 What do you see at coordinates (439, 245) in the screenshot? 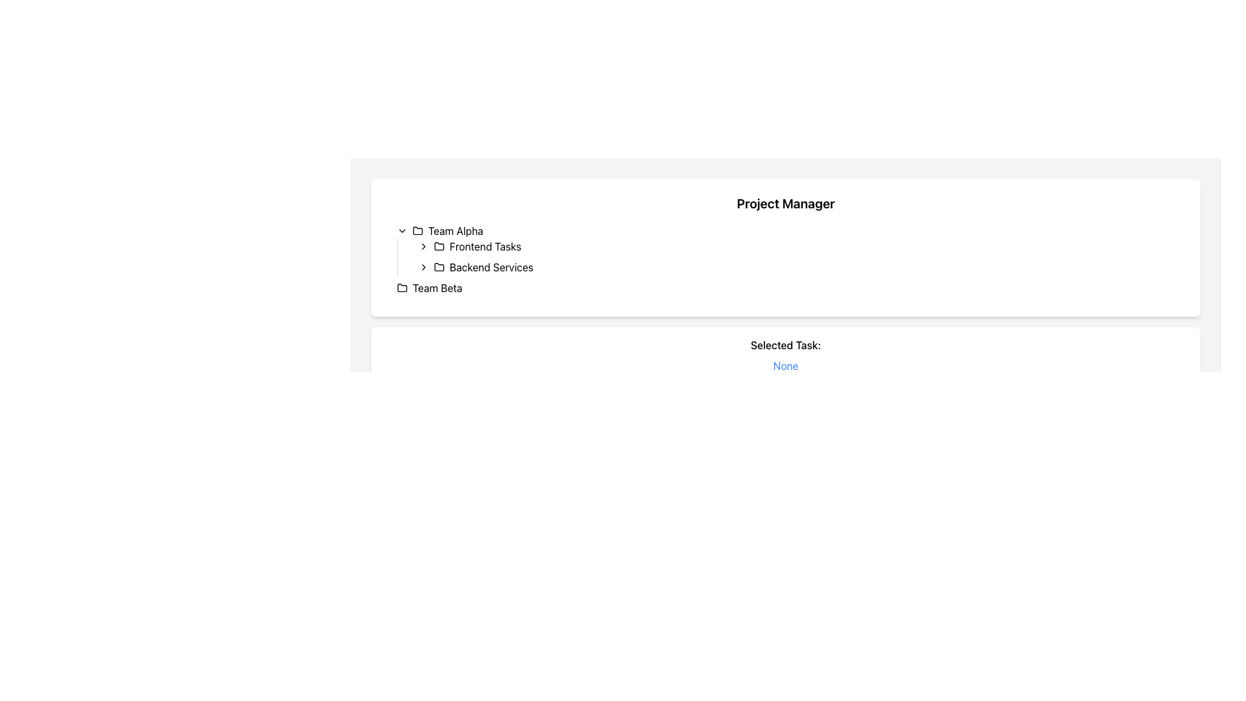
I see `the folder icon visually represented as a standard folder, located to the left of the 'Frontend Tasks' label and under 'Team Alpha' in the hierarchical tree structure` at bounding box center [439, 245].